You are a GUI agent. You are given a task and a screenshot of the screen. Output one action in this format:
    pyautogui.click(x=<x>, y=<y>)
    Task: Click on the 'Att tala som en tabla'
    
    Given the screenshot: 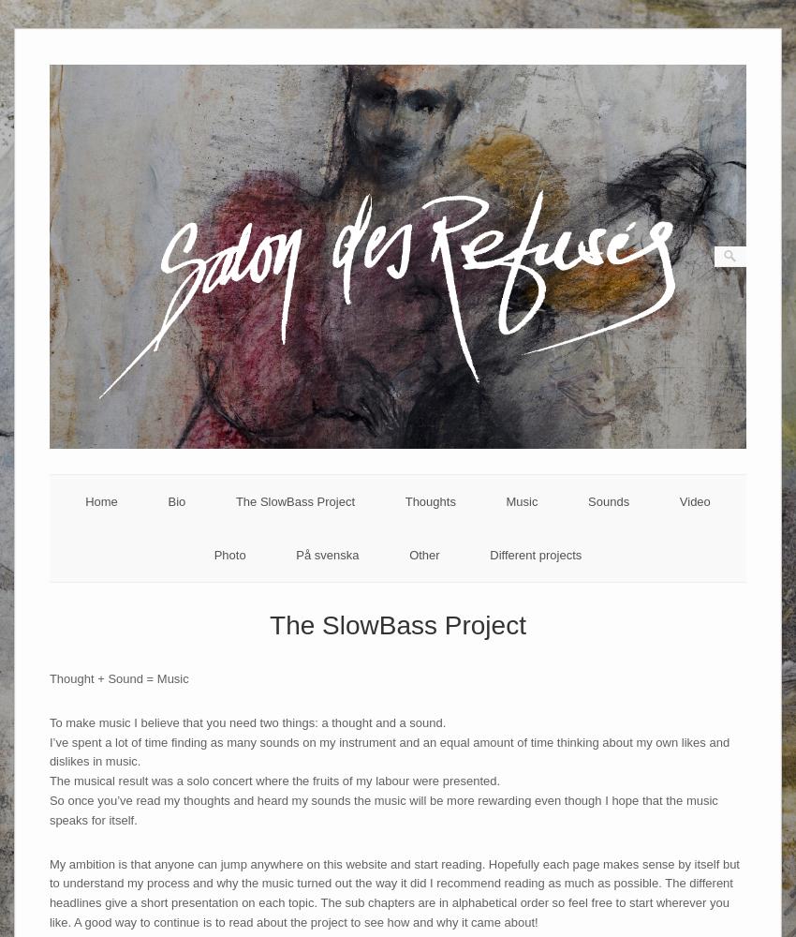 What is the action you would take?
    pyautogui.click(x=326, y=597)
    